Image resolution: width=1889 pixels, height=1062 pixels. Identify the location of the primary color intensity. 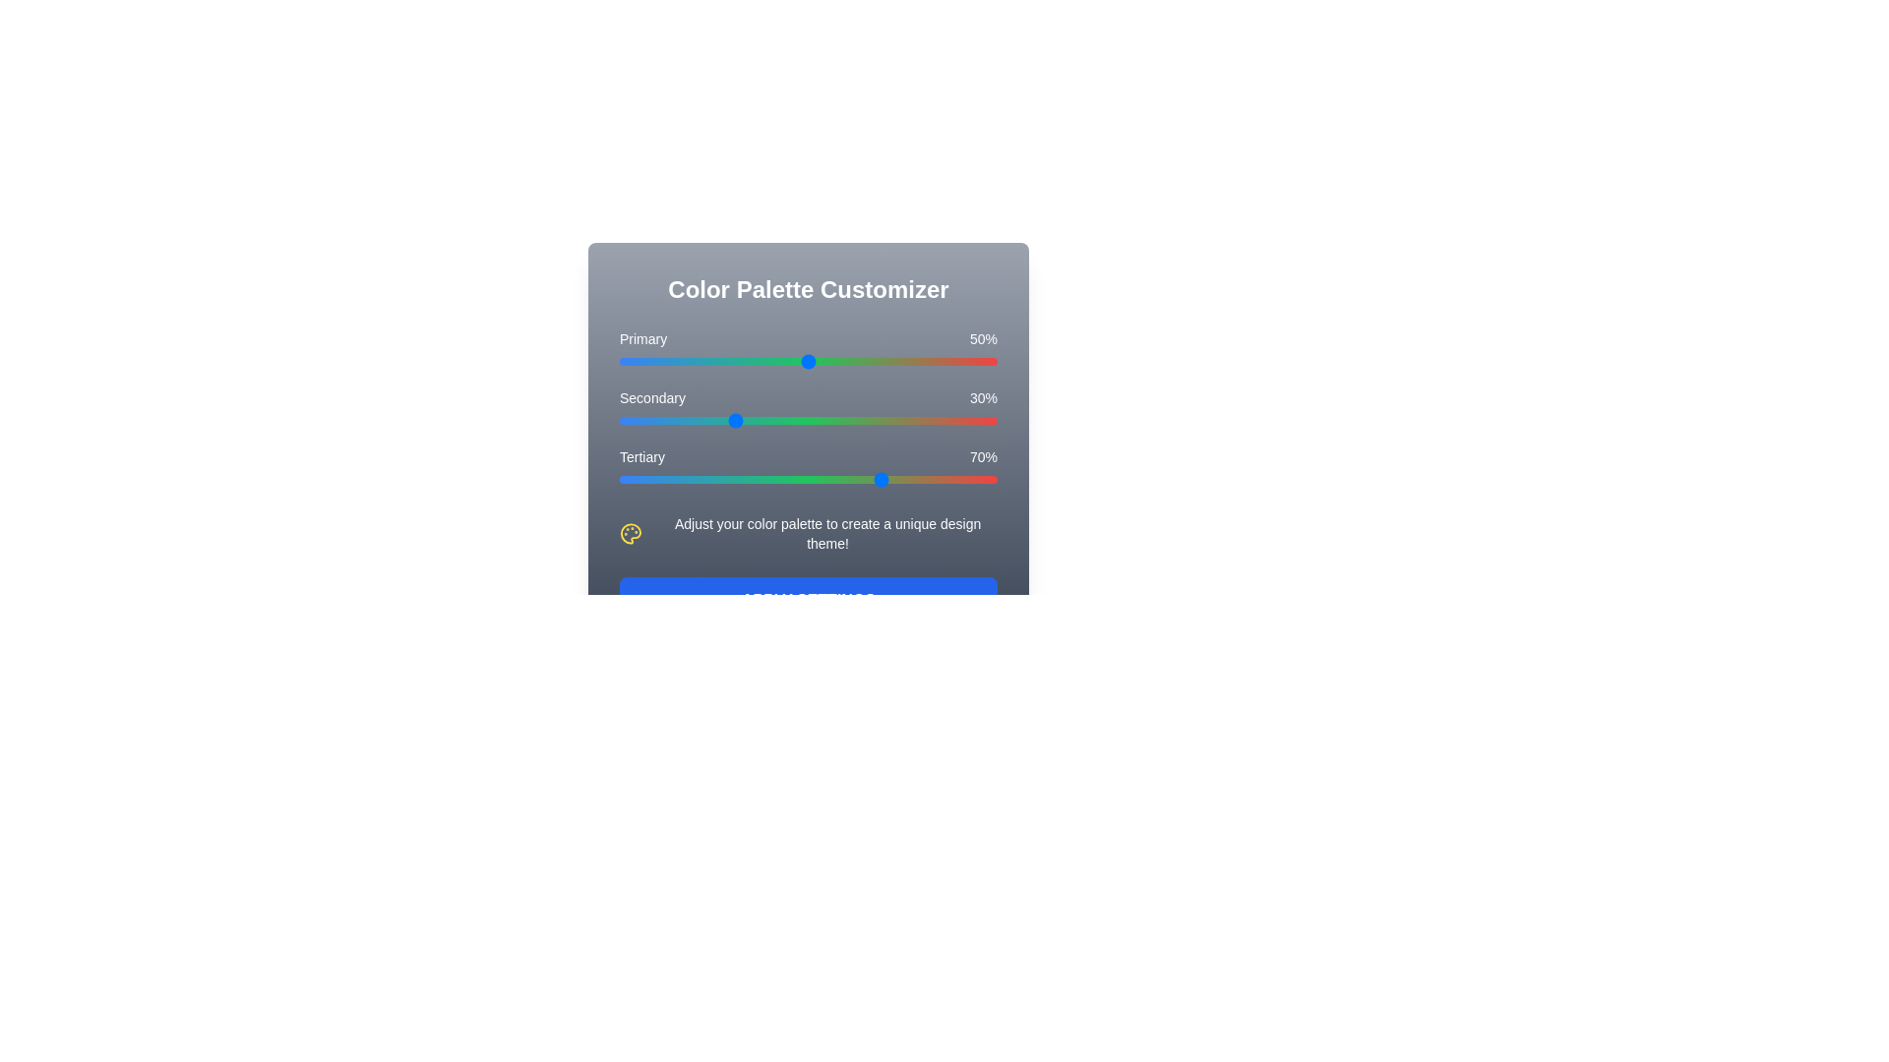
(645, 361).